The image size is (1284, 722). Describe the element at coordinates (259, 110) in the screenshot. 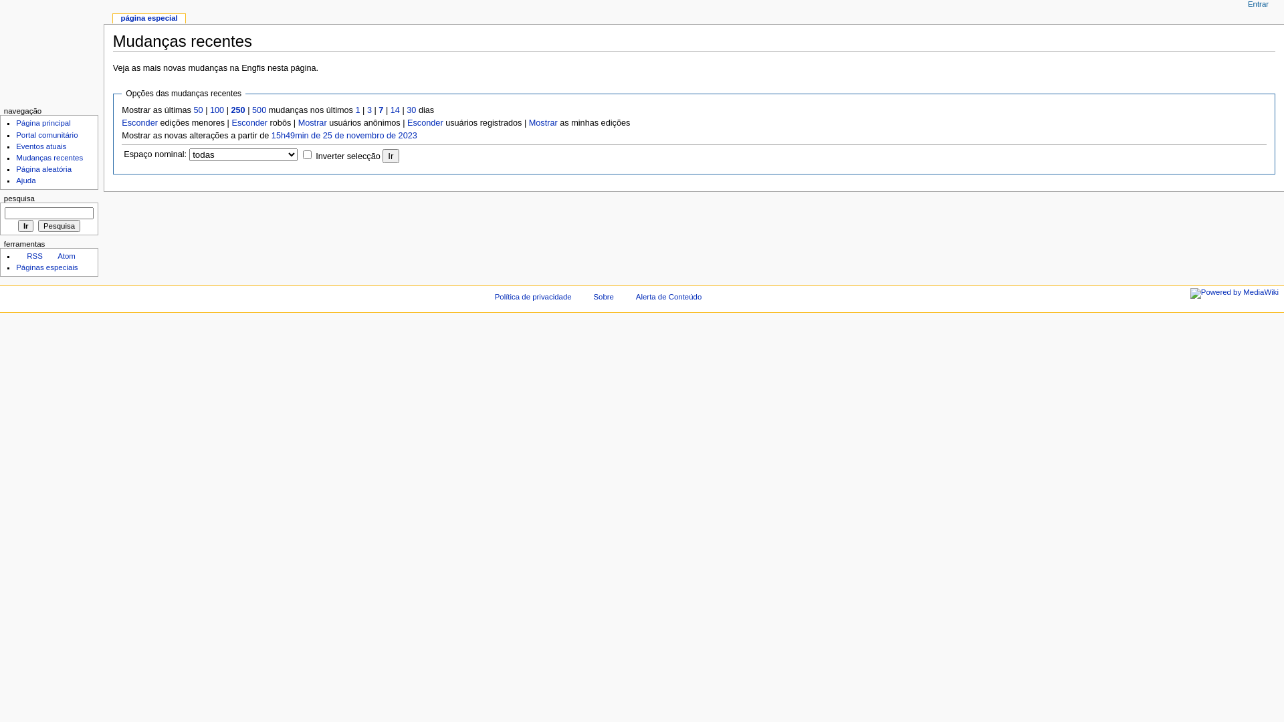

I see `'500'` at that location.